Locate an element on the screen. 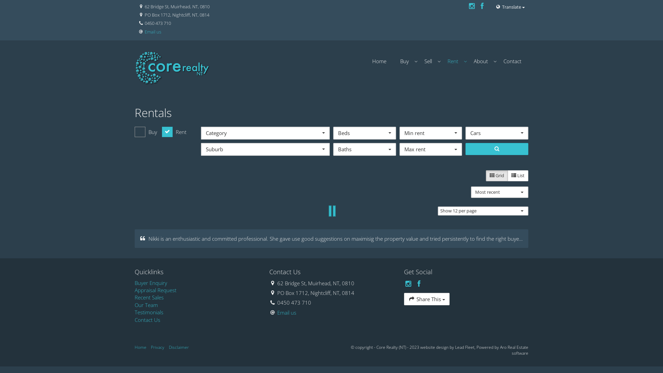  'Translate' is located at coordinates (510, 7).